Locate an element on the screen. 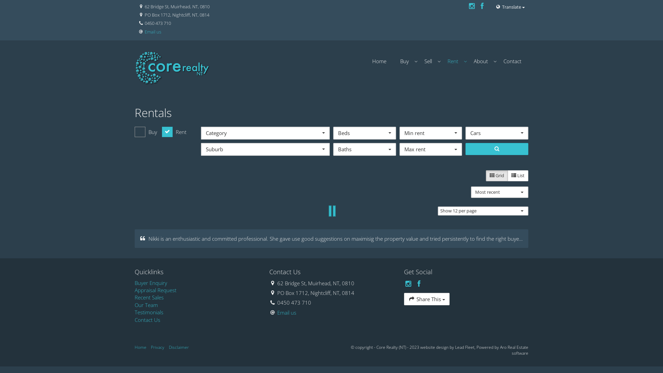  'Translate' is located at coordinates (510, 7).